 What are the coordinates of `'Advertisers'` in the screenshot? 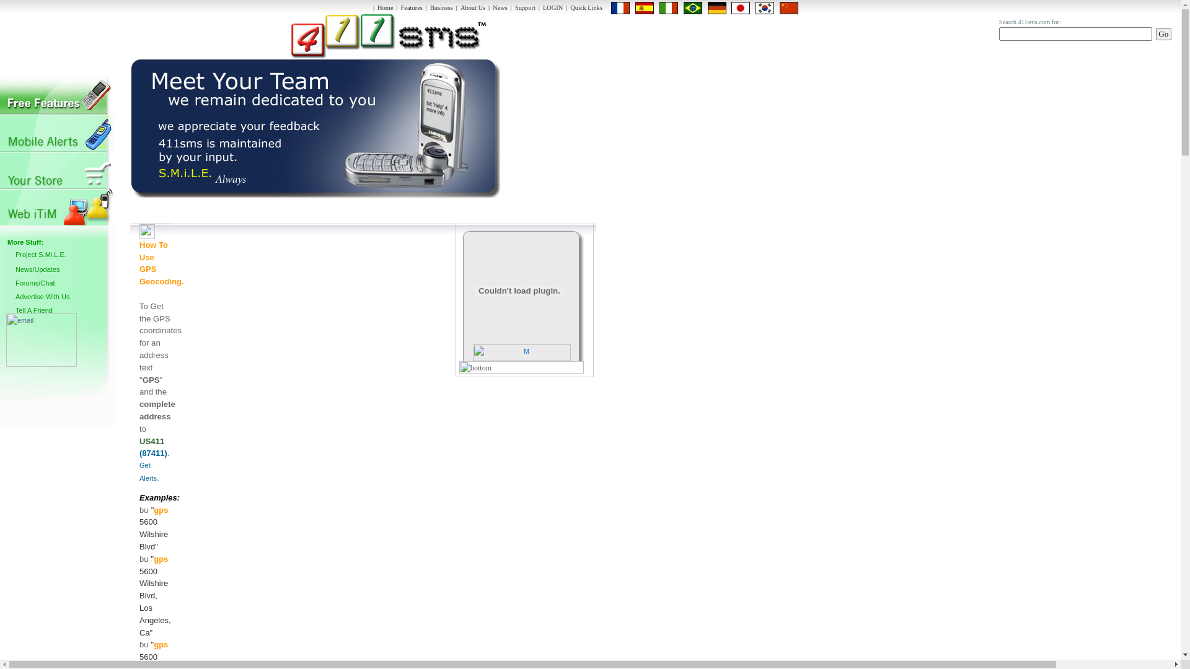 It's located at (56, 206).